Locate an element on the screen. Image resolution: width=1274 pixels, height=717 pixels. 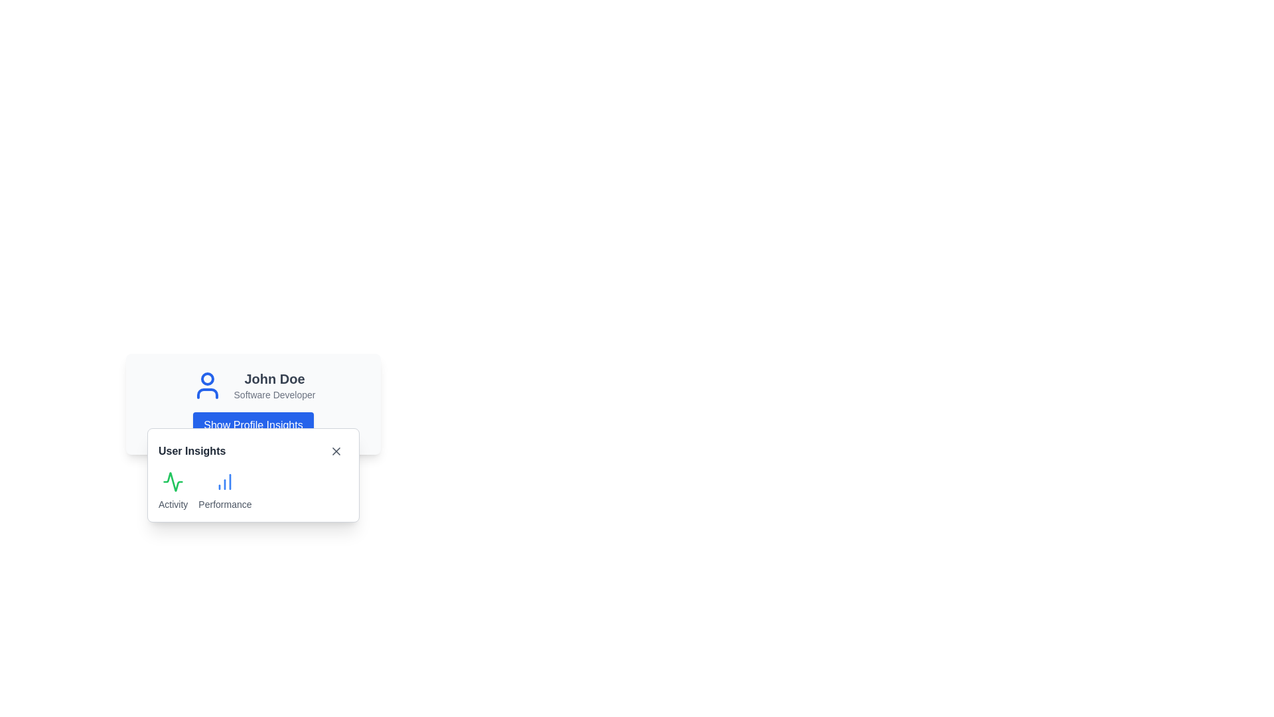
the second text label in the 'User Insights' popup window, located below the graphical chart icon with increasing bars, which serves as a descriptor for the associated information is located at coordinates (225, 504).